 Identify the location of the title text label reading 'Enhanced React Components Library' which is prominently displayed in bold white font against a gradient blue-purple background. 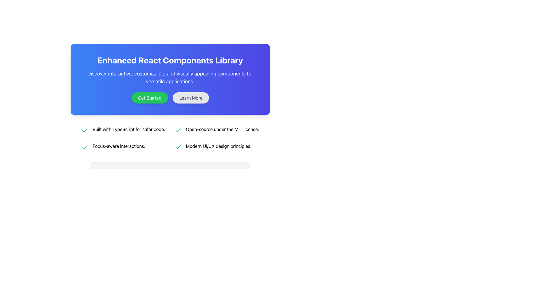
(170, 60).